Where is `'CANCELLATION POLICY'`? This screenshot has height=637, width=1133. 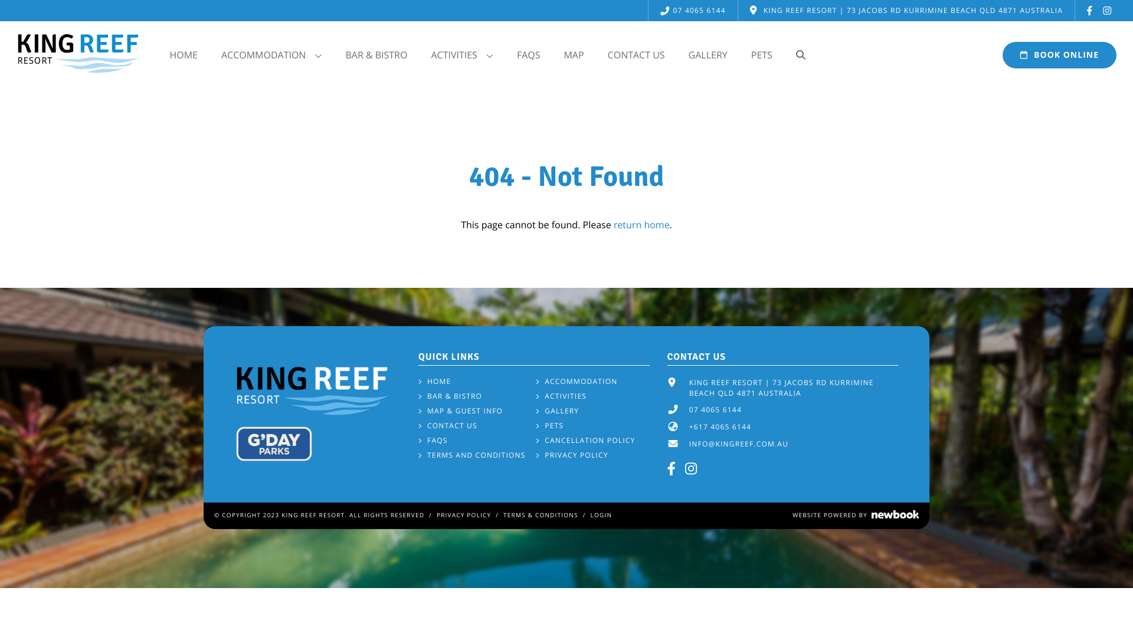
'CANCELLATION POLICY' is located at coordinates (535, 441).